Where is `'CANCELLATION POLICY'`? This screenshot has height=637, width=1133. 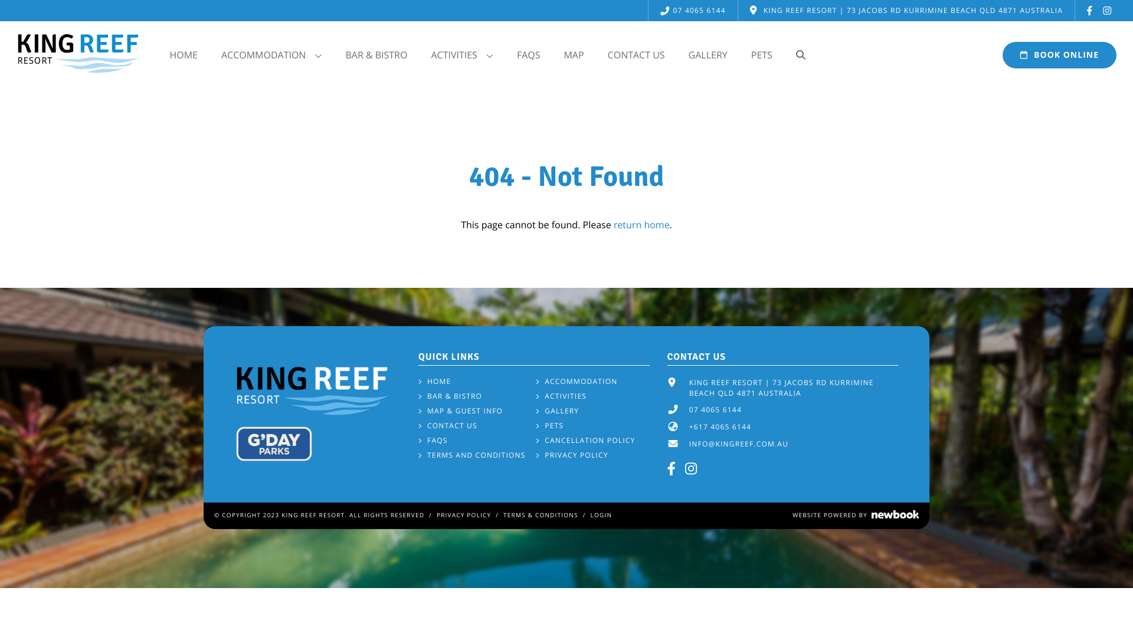
'CANCELLATION POLICY' is located at coordinates (535, 441).